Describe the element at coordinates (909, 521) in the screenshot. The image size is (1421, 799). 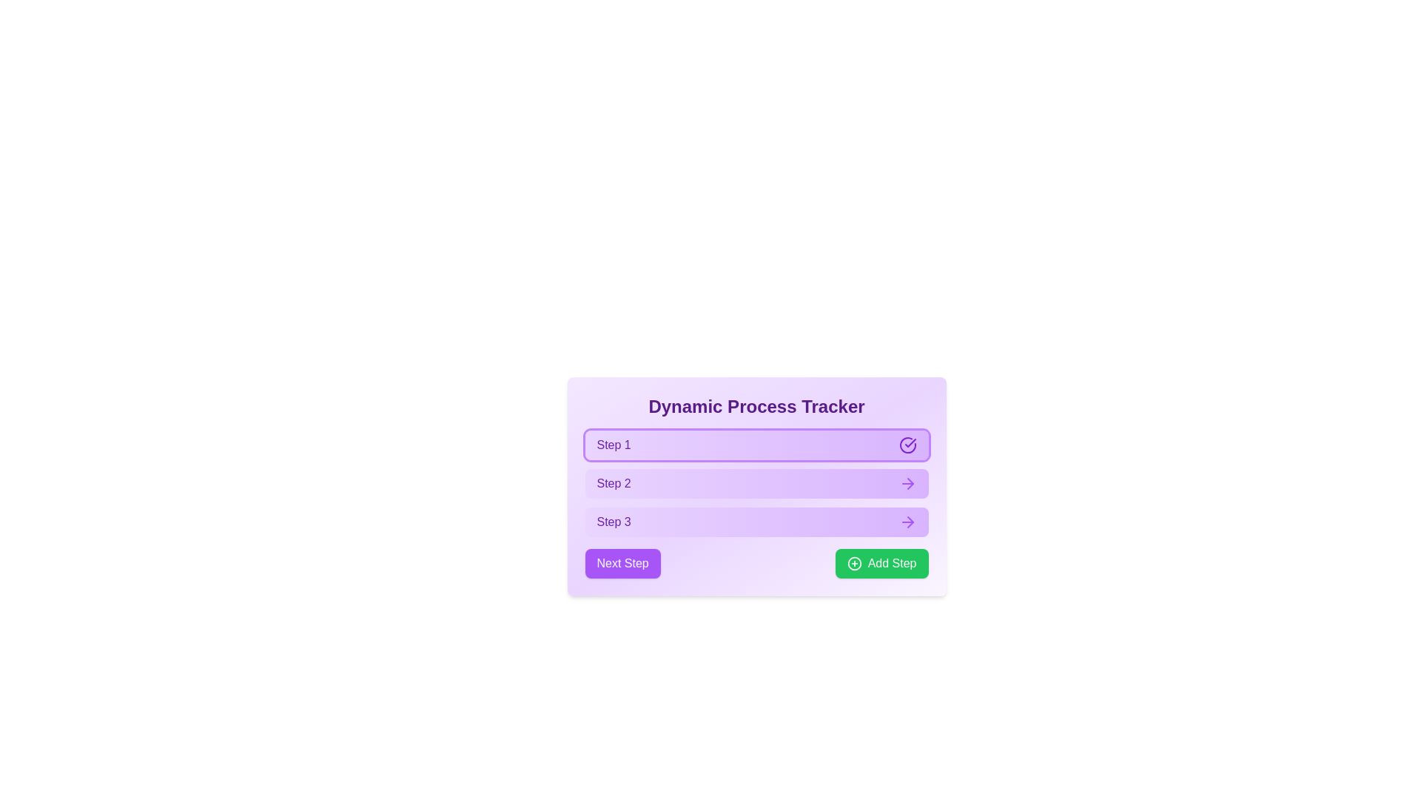
I see `the chevron arrow icon located on the right side of the Step 2 row` at that location.